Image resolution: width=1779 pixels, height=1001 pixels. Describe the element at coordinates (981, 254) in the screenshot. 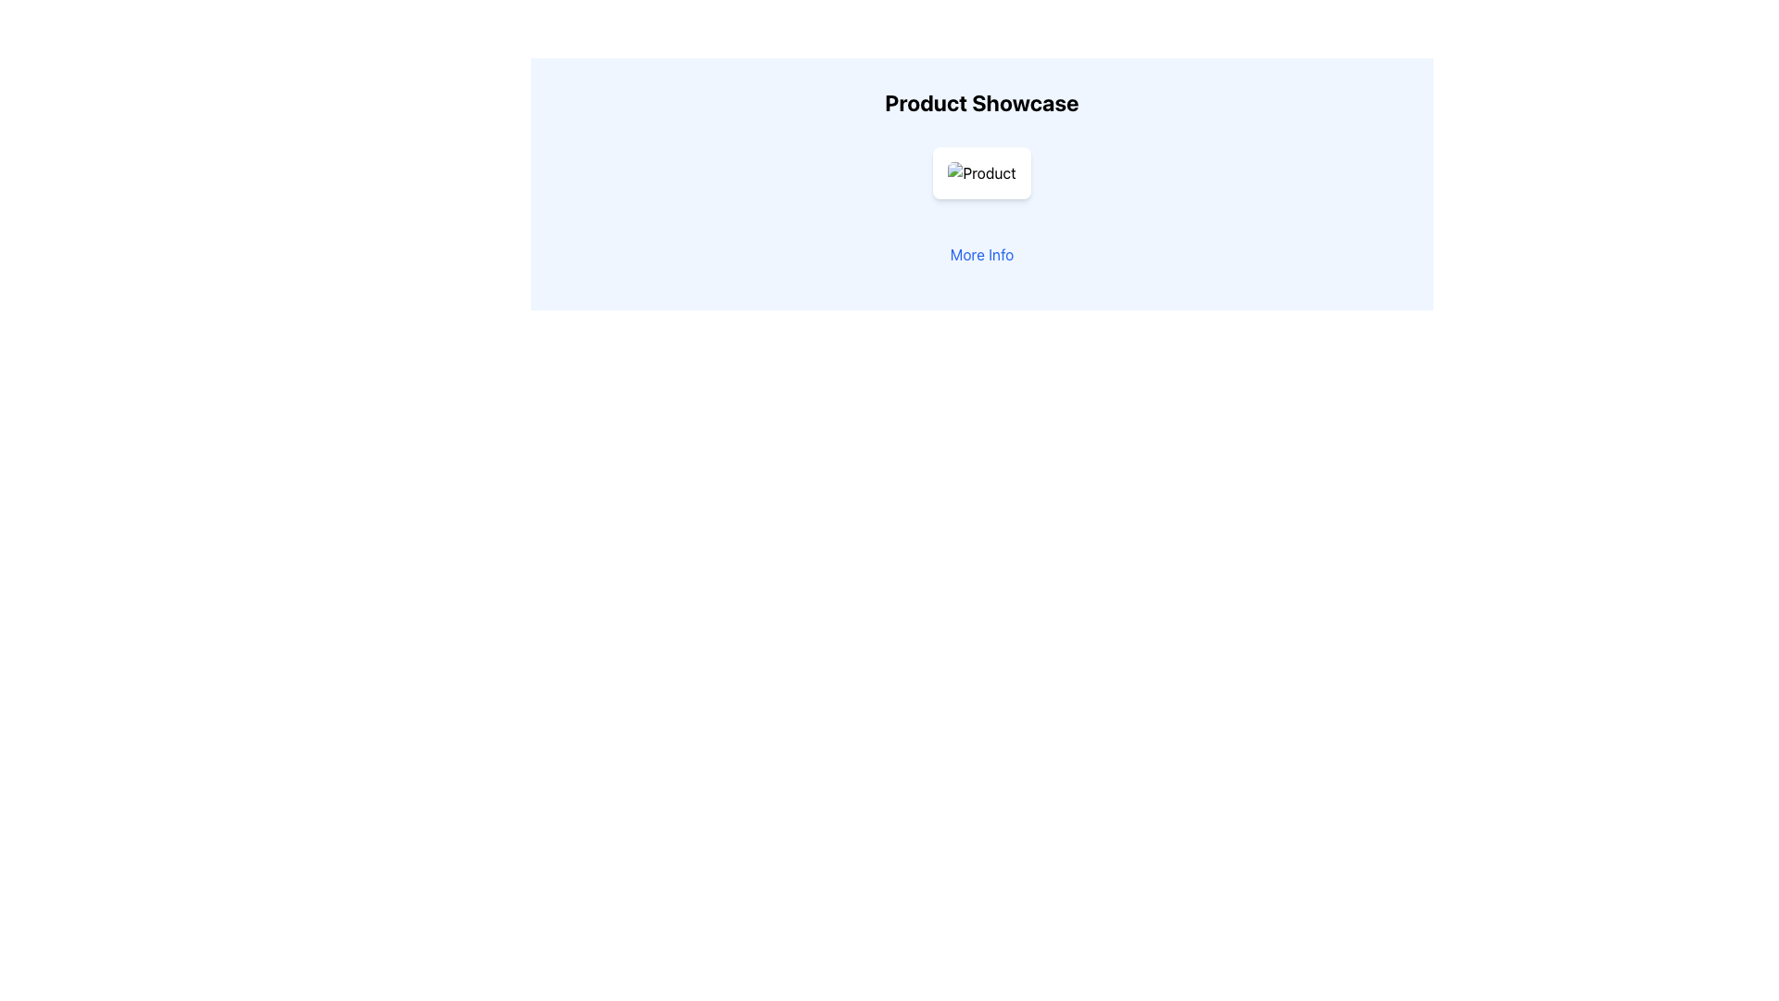

I see `the bold blue hyperlink labeled 'More Info' located under the 'Product' image in the 'Product Showcase' section` at that location.